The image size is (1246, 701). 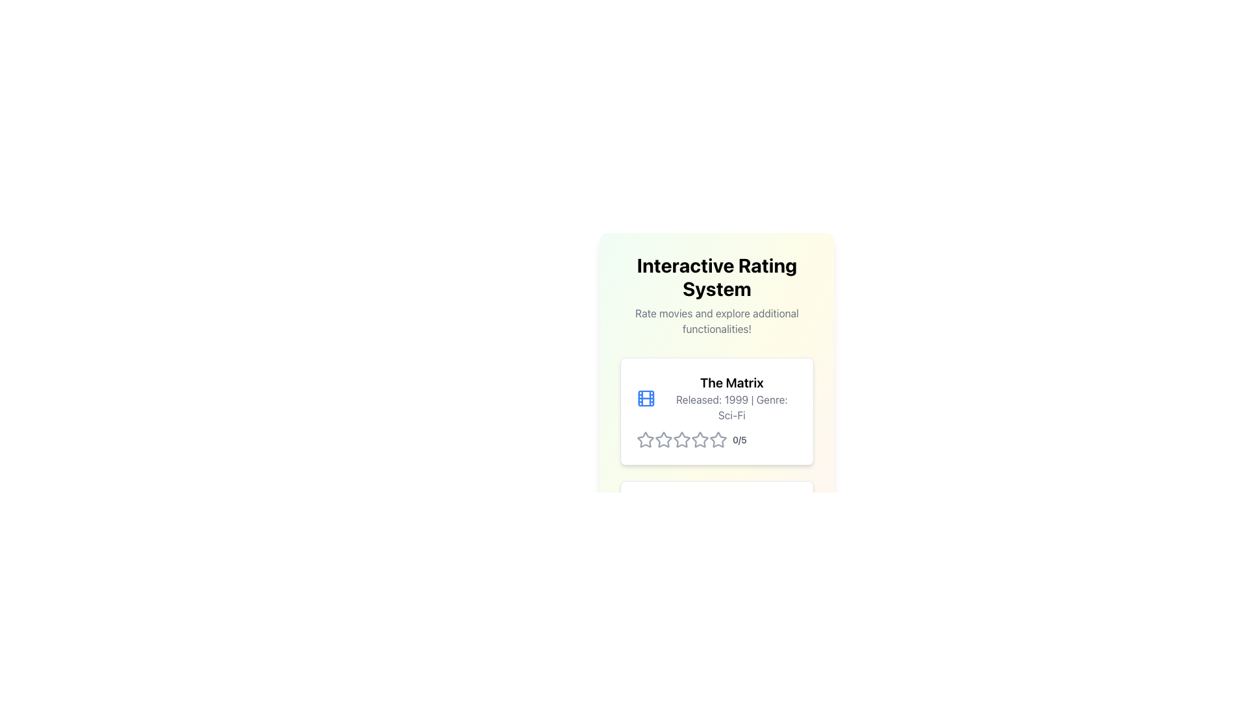 What do you see at coordinates (646, 397) in the screenshot?
I see `the movie icon for 'The Matrix', which is located to the immediate left of the text block displaying the movie's title and details` at bounding box center [646, 397].